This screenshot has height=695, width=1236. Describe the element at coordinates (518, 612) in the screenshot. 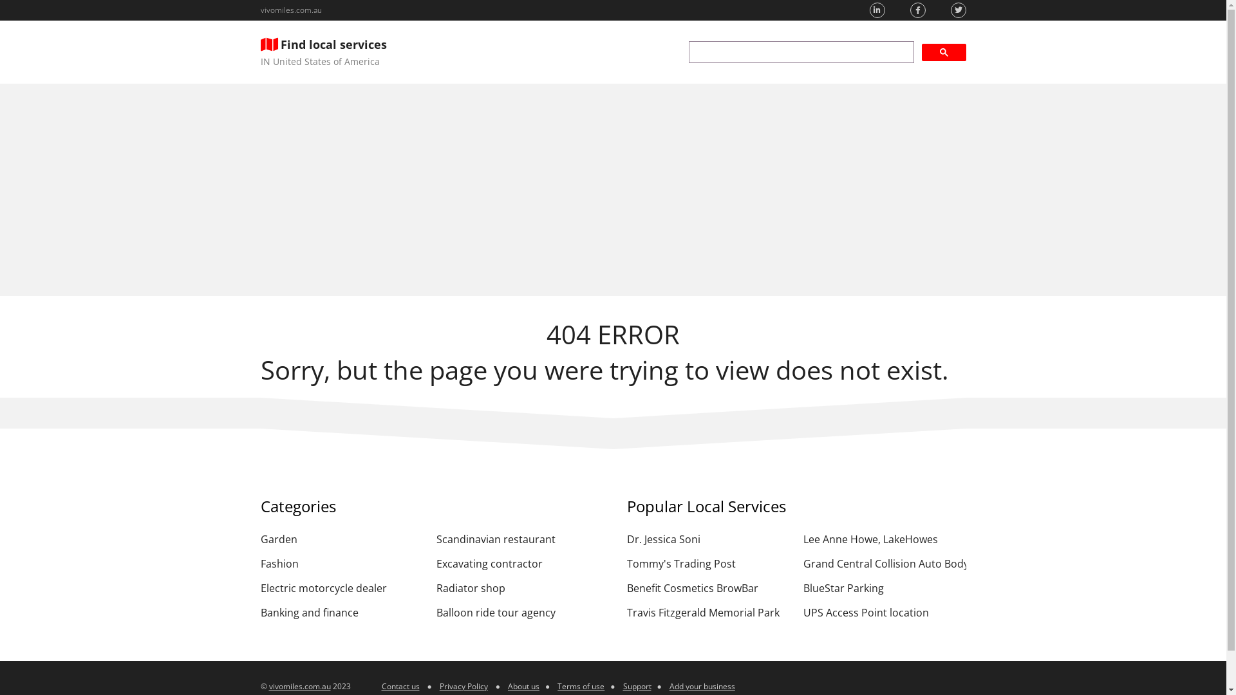

I see `'Balloon ride tour agency'` at that location.